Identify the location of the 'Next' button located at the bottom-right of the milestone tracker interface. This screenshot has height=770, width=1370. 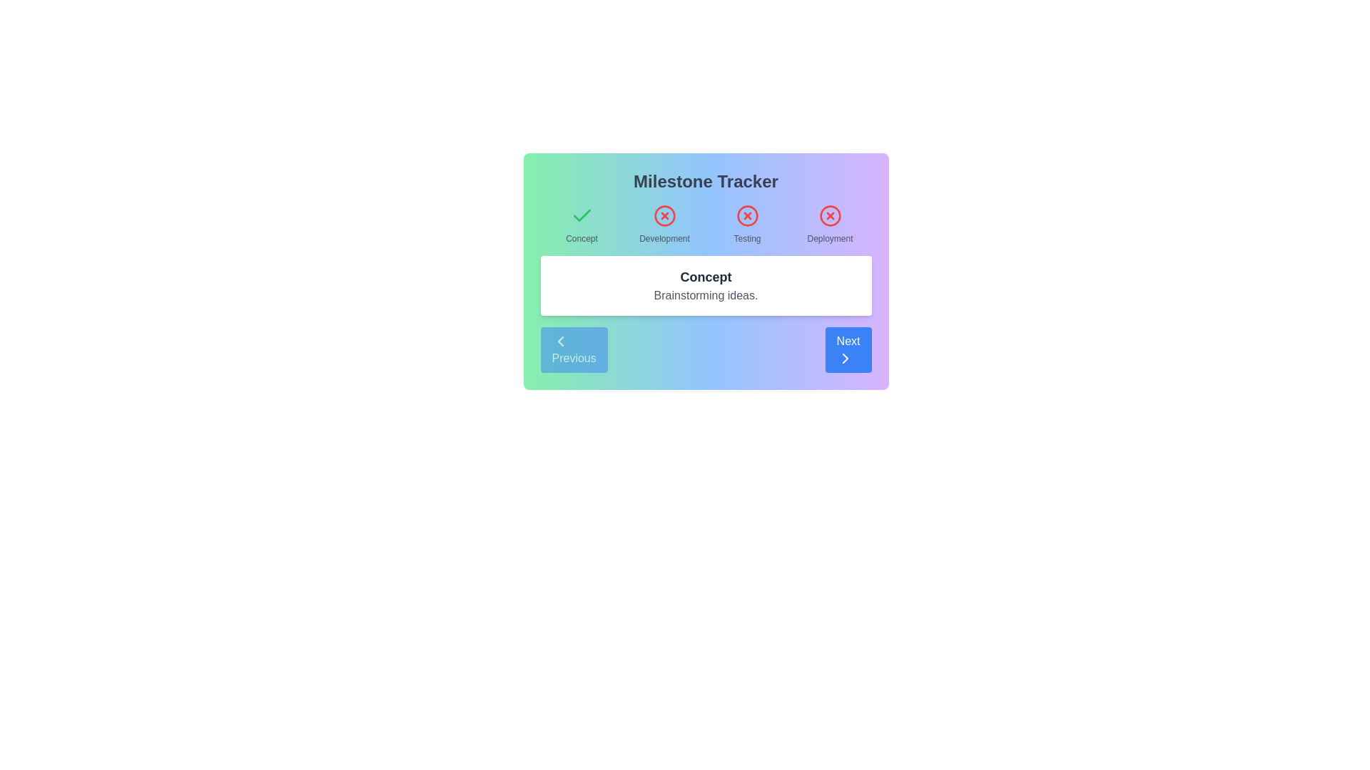
(848, 349).